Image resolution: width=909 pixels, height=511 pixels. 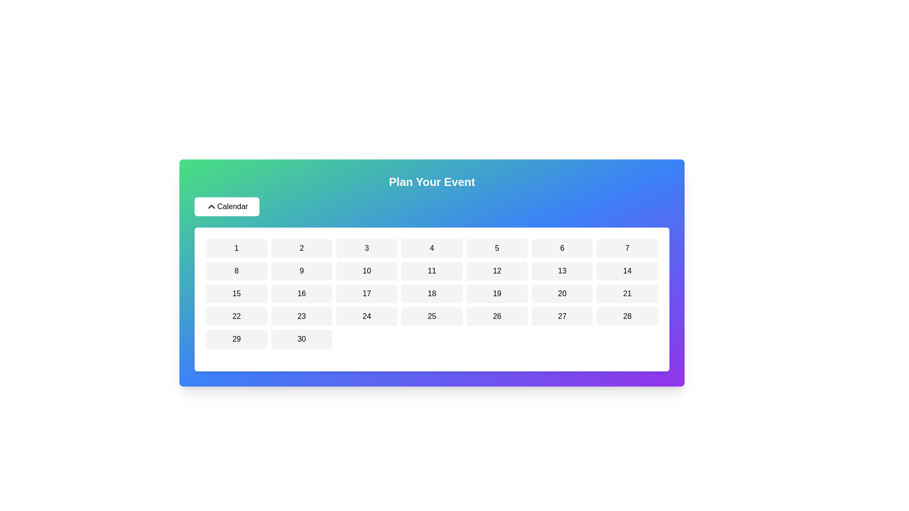 I want to click on the interactive button representing the 20th day of the calendar to change its background color, so click(x=562, y=293).